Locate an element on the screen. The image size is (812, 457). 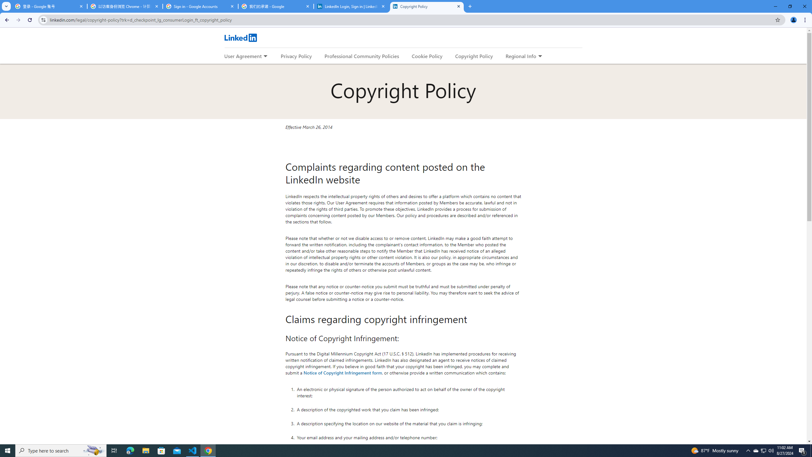
'Expand to show more links for Regional Info' is located at coordinates (540, 56).